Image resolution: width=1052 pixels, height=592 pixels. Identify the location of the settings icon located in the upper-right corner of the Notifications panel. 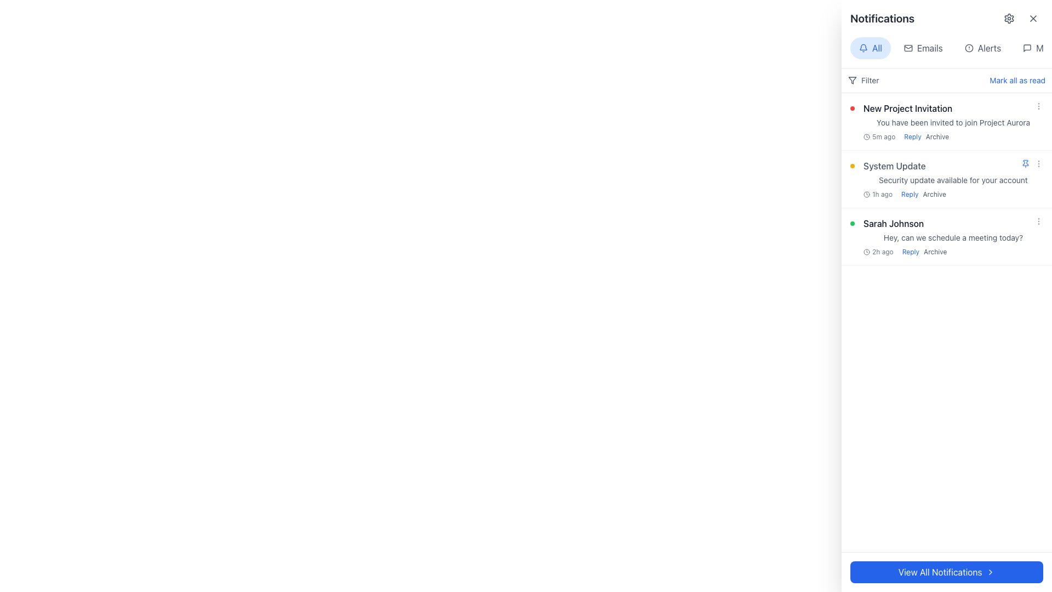
(1009, 19).